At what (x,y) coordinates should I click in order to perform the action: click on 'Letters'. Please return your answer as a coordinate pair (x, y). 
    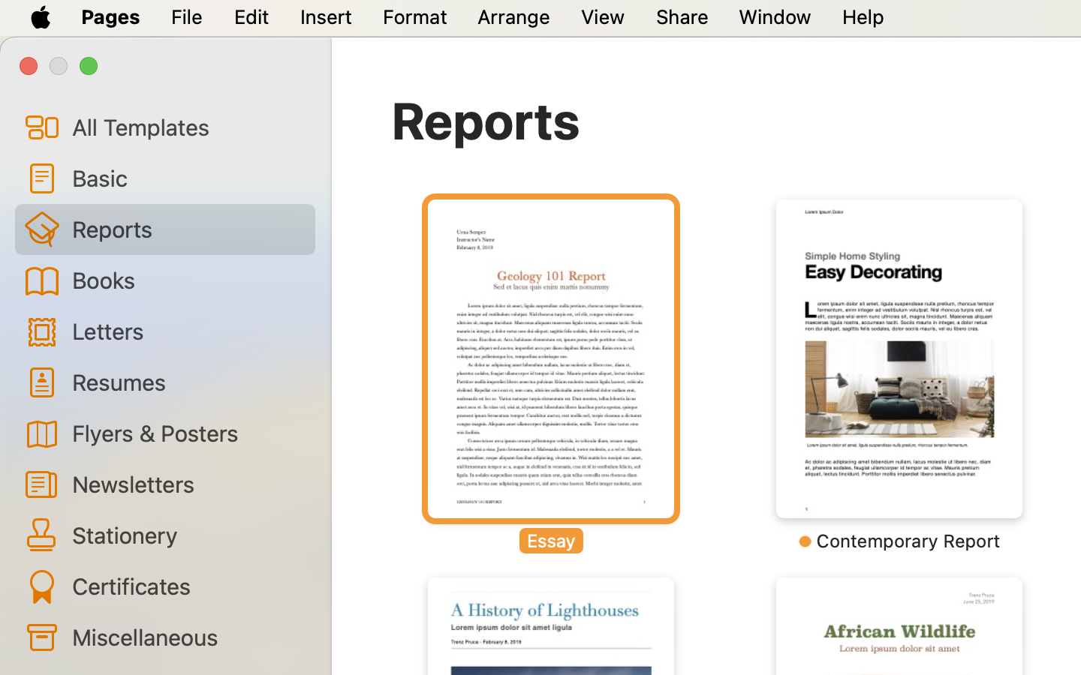
    Looking at the image, I should click on (186, 331).